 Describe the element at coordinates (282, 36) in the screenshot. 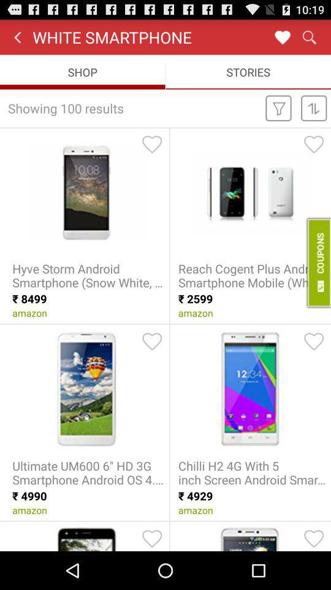

I see `heart button` at that location.